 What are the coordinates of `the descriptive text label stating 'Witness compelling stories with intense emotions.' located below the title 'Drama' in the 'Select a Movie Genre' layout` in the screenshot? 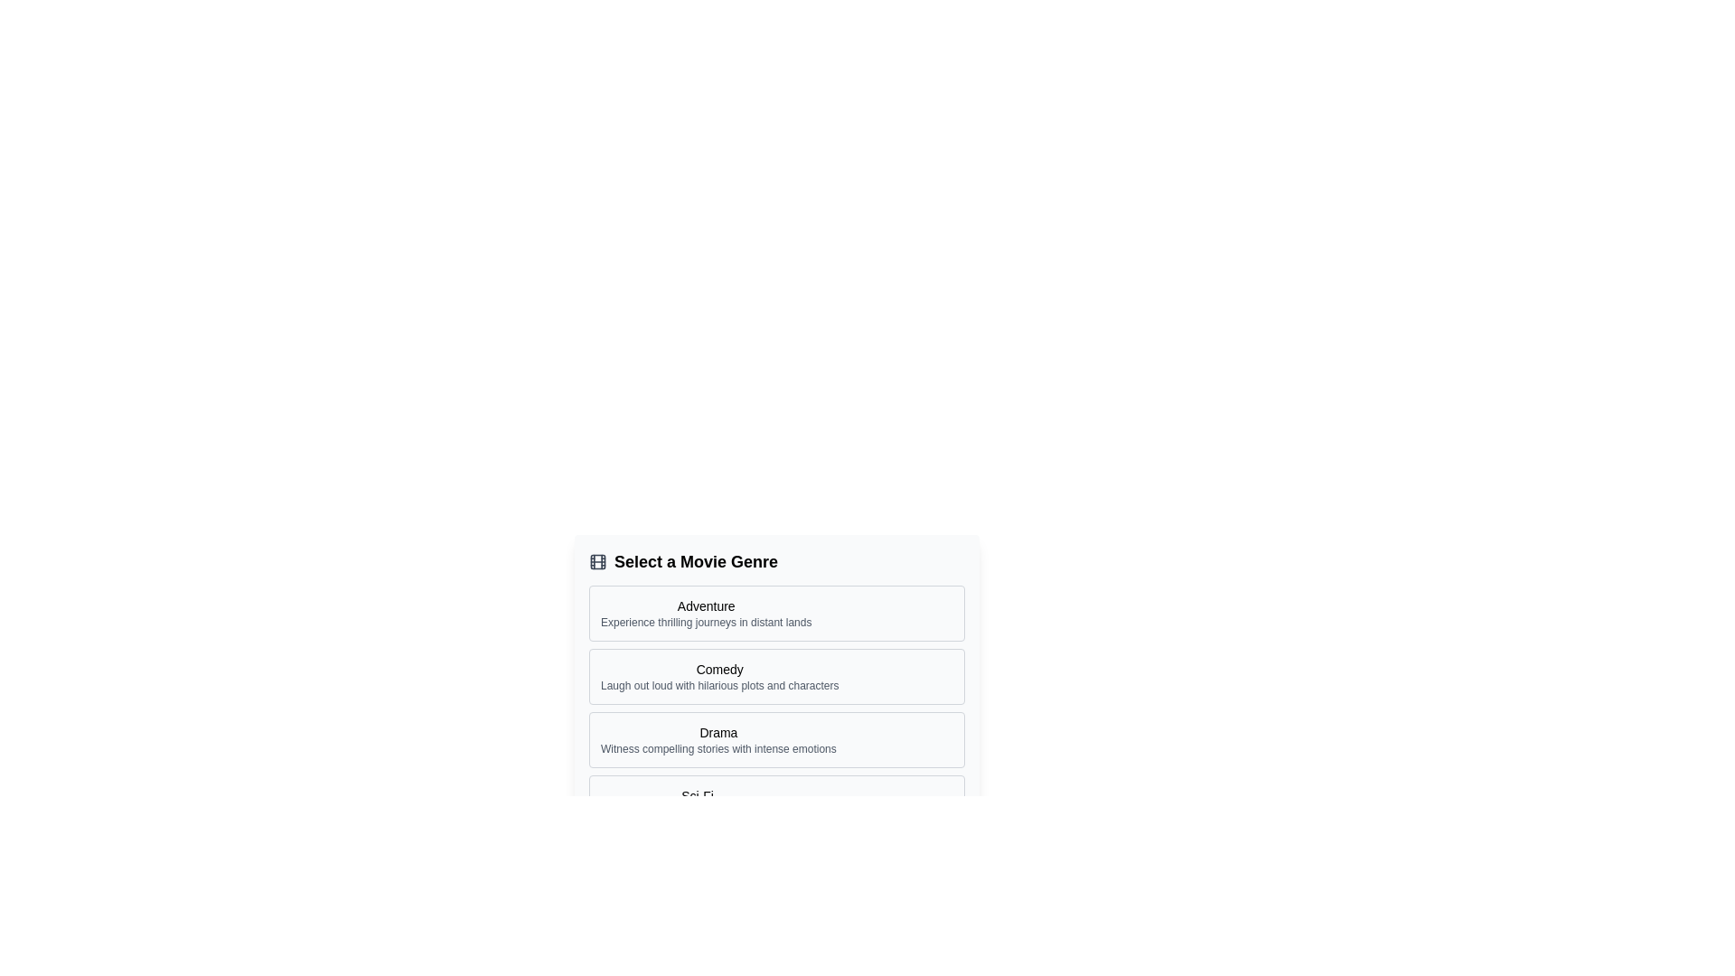 It's located at (717, 749).